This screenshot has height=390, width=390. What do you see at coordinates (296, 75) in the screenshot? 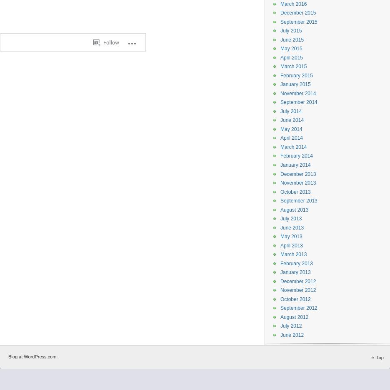
I see `'February 2015'` at bounding box center [296, 75].